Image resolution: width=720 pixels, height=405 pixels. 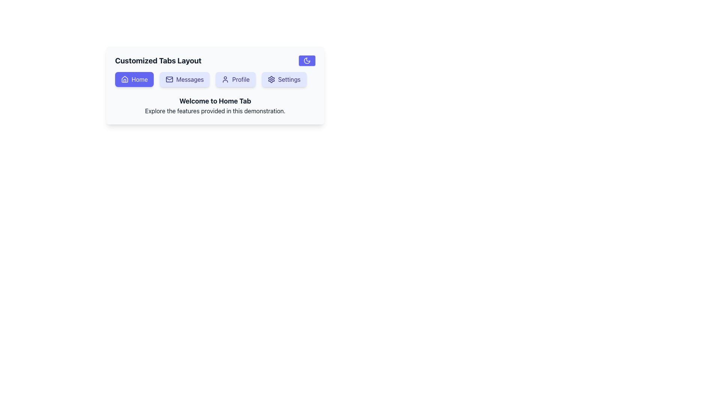 What do you see at coordinates (169, 79) in the screenshot?
I see `the graphic icon within the Messages button` at bounding box center [169, 79].